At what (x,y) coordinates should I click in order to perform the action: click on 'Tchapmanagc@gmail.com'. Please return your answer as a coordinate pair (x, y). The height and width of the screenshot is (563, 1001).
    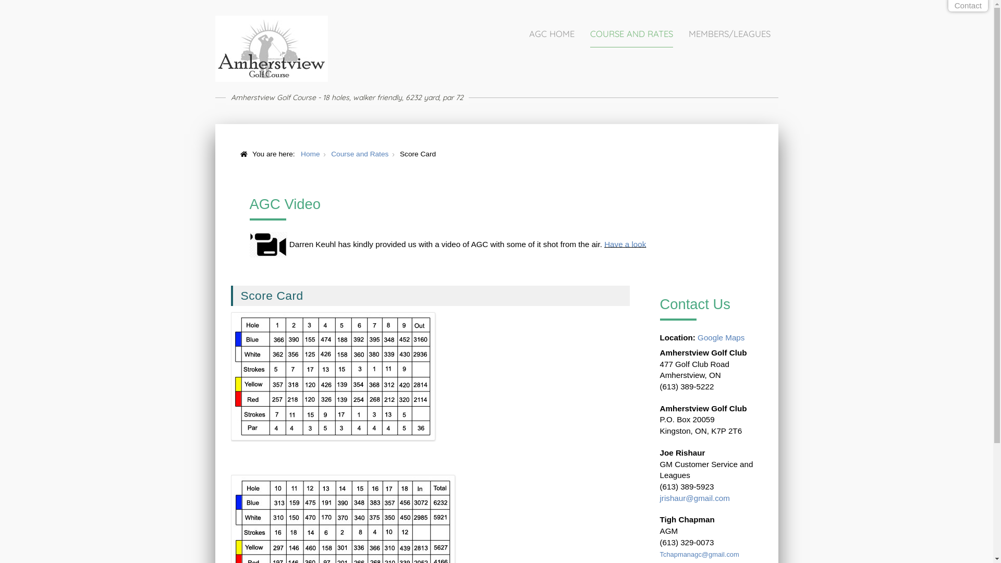
    Looking at the image, I should click on (700, 554).